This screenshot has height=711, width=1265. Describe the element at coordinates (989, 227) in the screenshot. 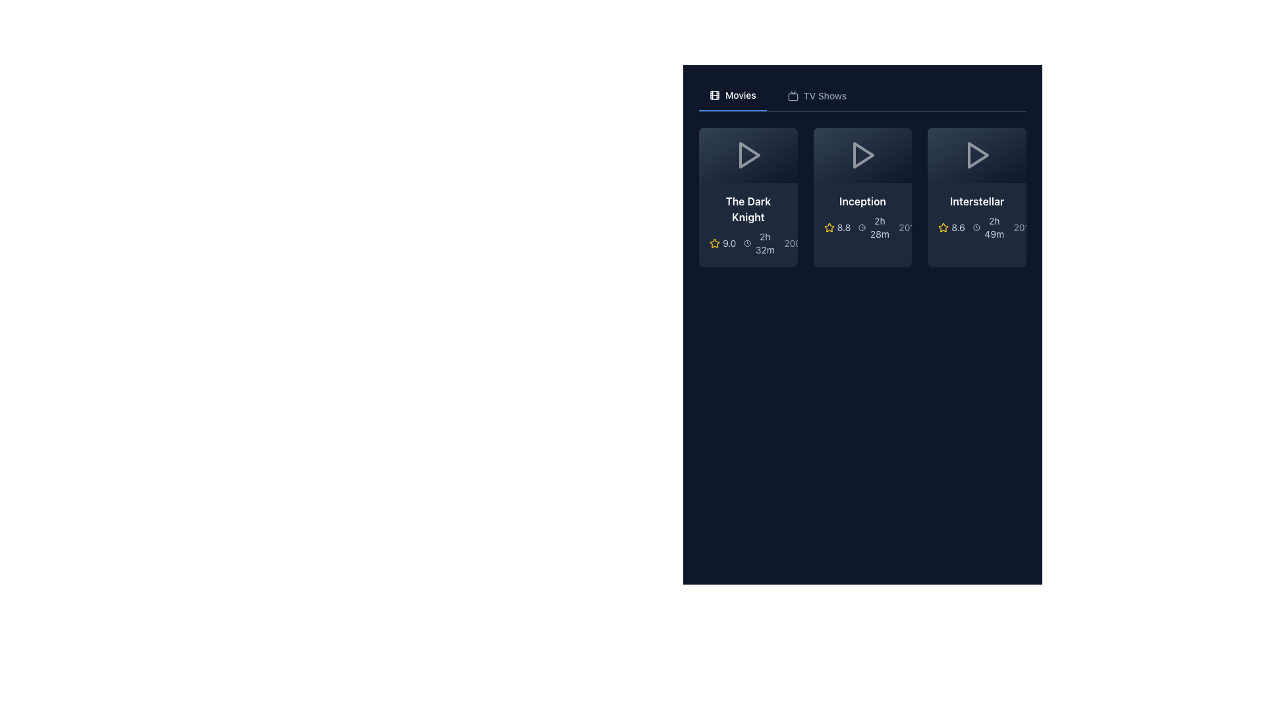

I see `the Text label displaying the runtime information of the movie 'Interstellar', which indicates a duration of 2 hours and 49 minutes` at that location.